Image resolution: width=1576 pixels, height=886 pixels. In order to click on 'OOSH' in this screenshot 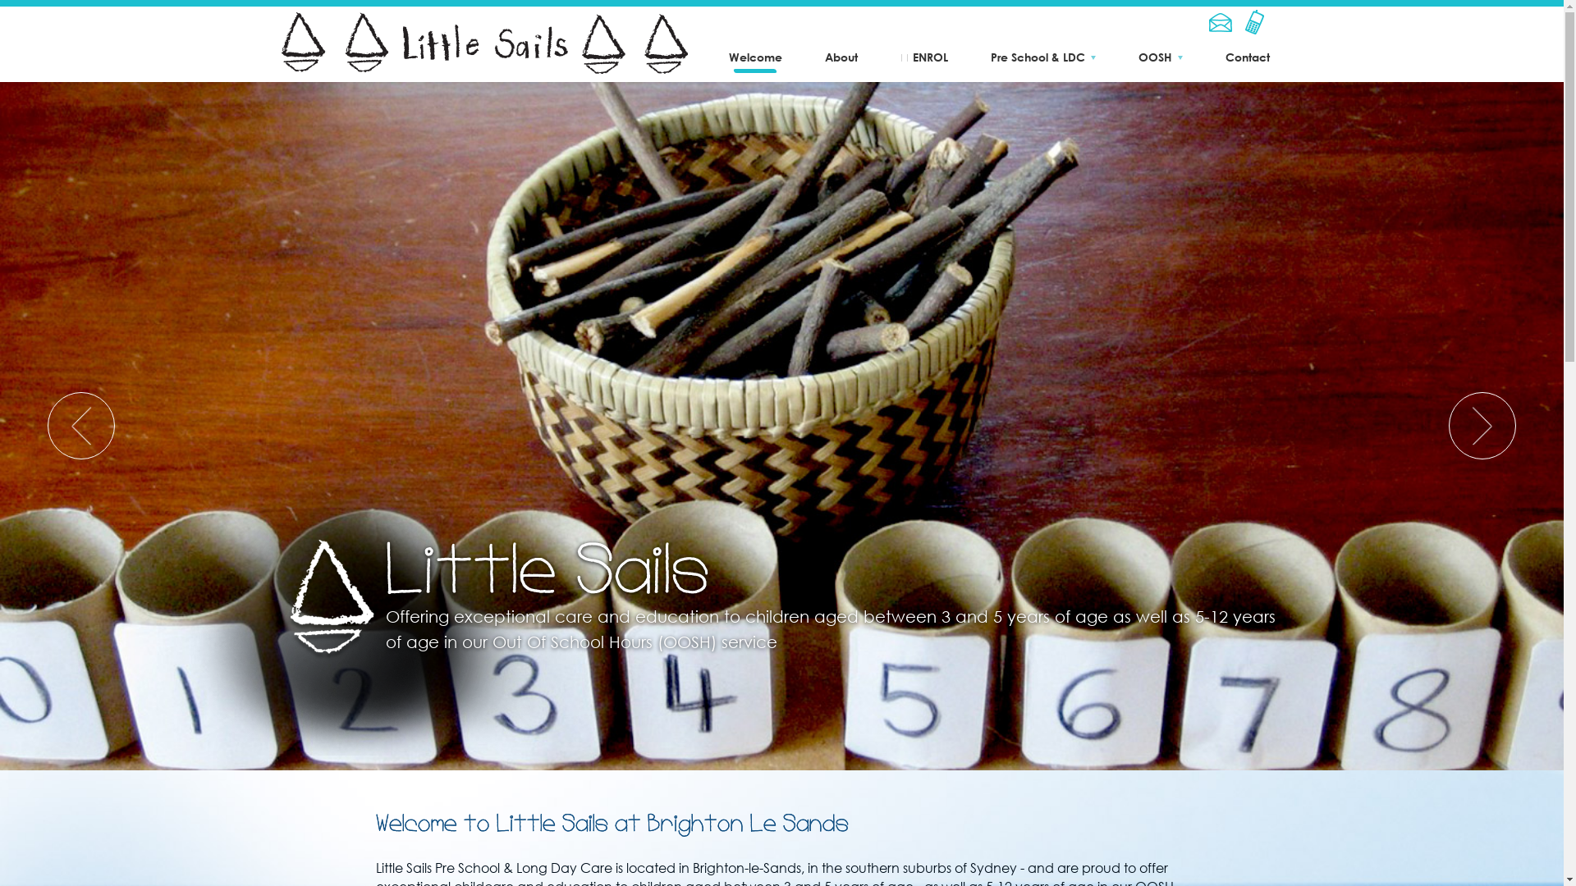, I will do `click(1158, 56)`.